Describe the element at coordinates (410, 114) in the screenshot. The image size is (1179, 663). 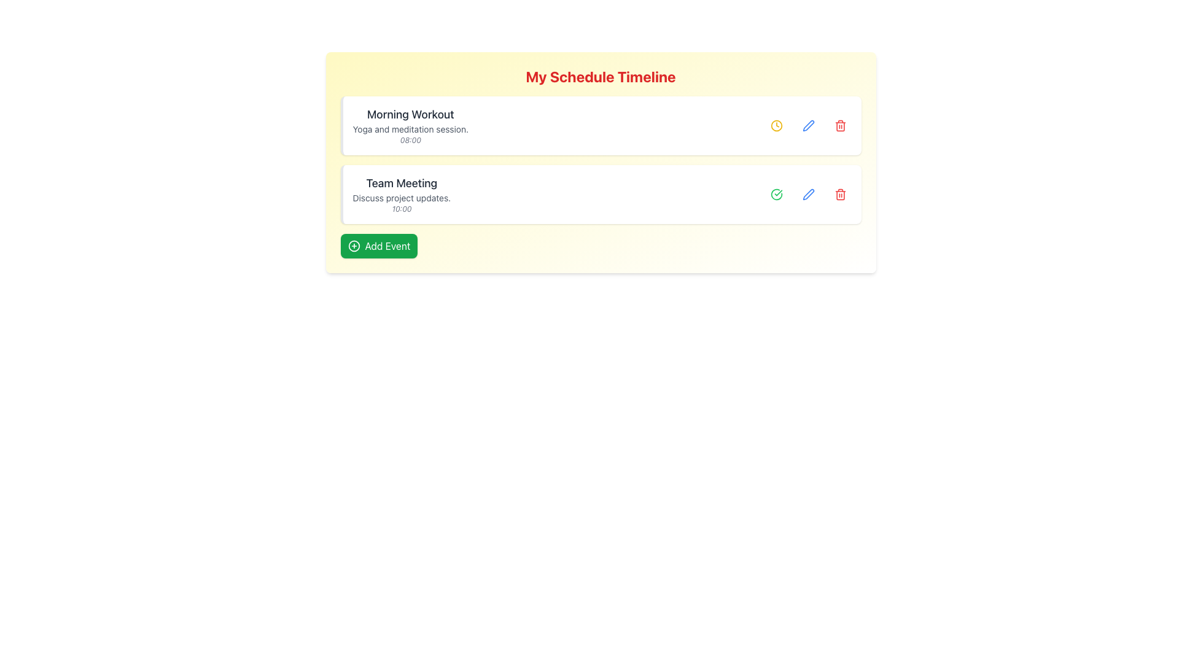
I see `the 'Morning Workout' text label, which is prominently displayed in a larger, bold, dark gray font inside the first schedule card under 'My Schedule Timeline'` at that location.